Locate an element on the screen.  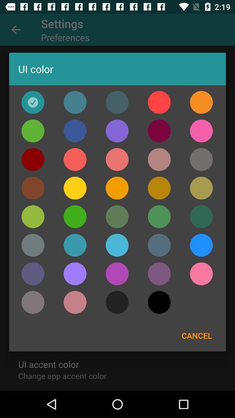
go back is located at coordinates (32, 130).